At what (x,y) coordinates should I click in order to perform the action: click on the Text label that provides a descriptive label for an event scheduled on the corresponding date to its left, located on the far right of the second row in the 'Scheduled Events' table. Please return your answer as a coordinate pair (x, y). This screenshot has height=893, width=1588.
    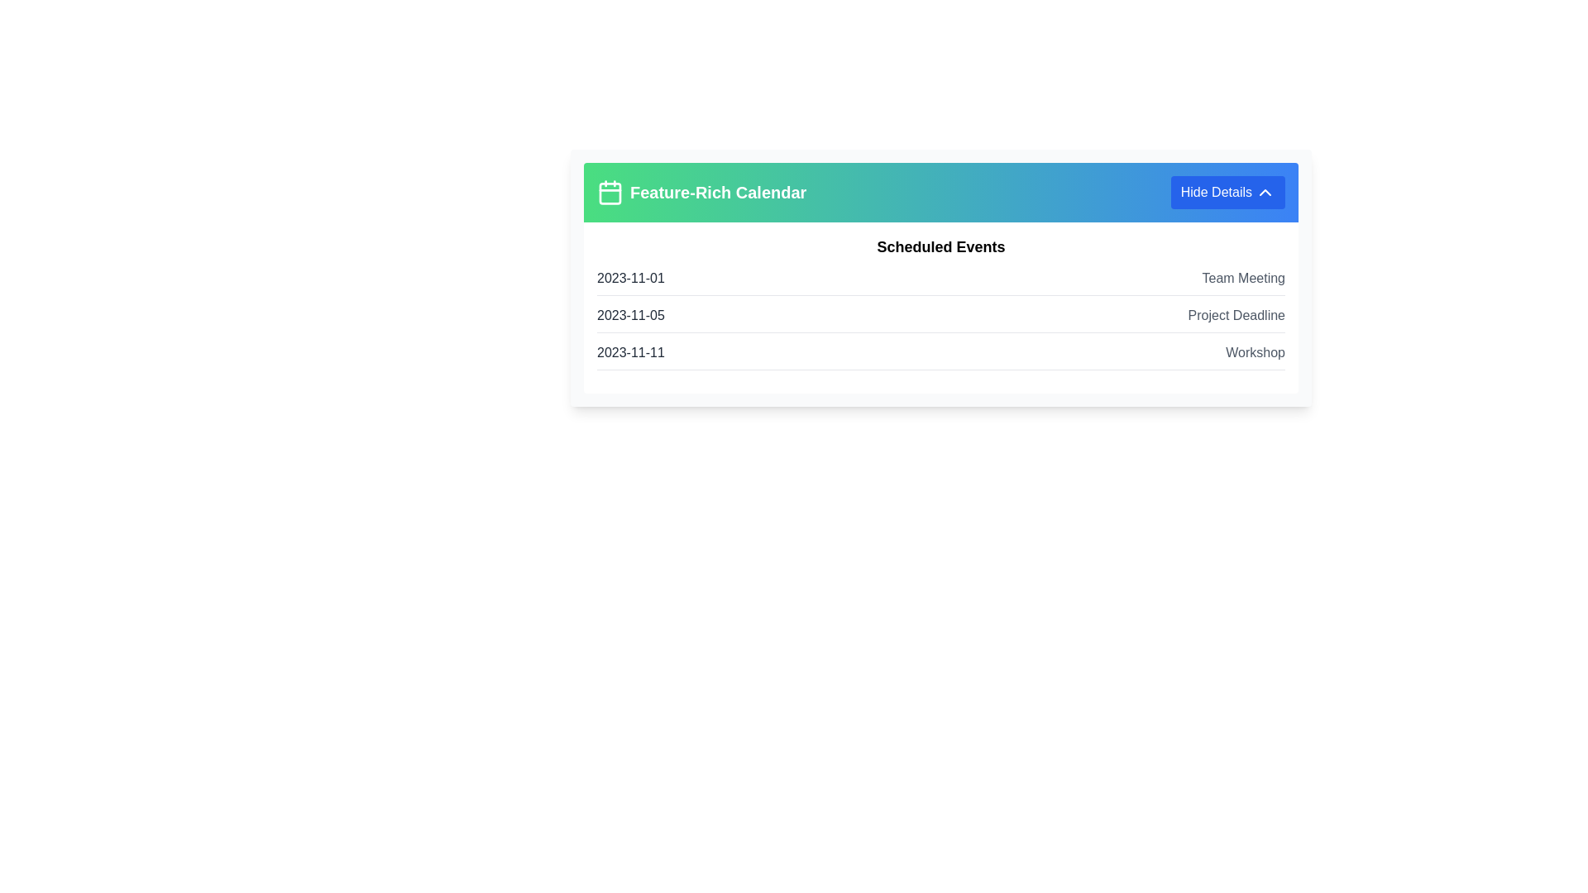
    Looking at the image, I should click on (1236, 315).